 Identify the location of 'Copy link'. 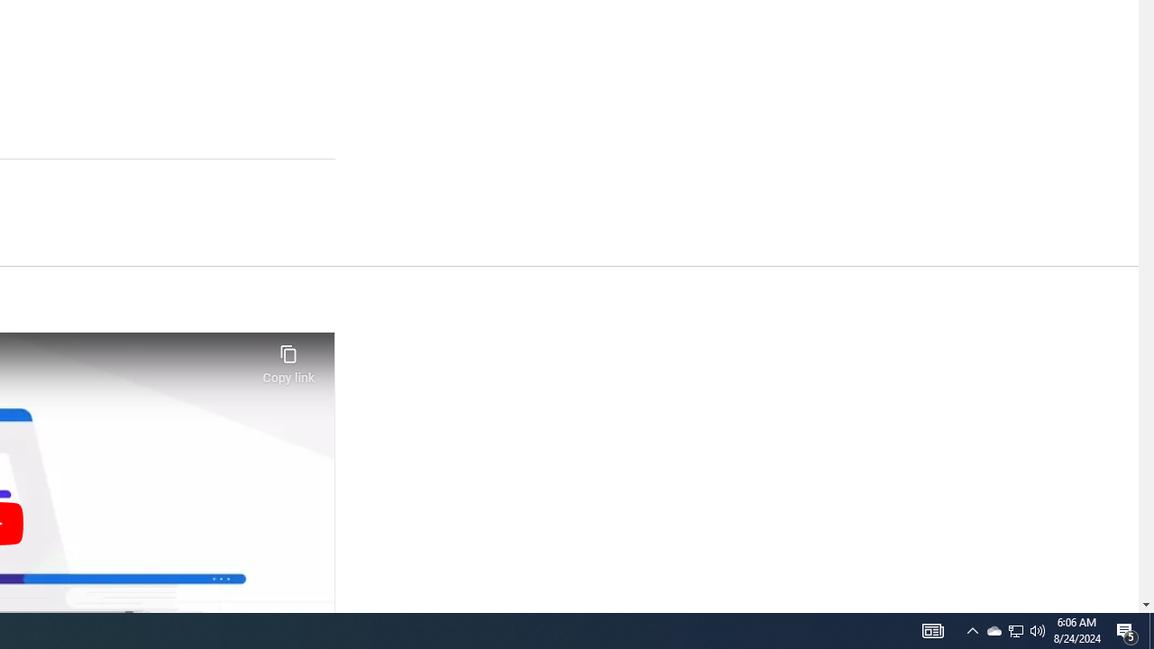
(288, 359).